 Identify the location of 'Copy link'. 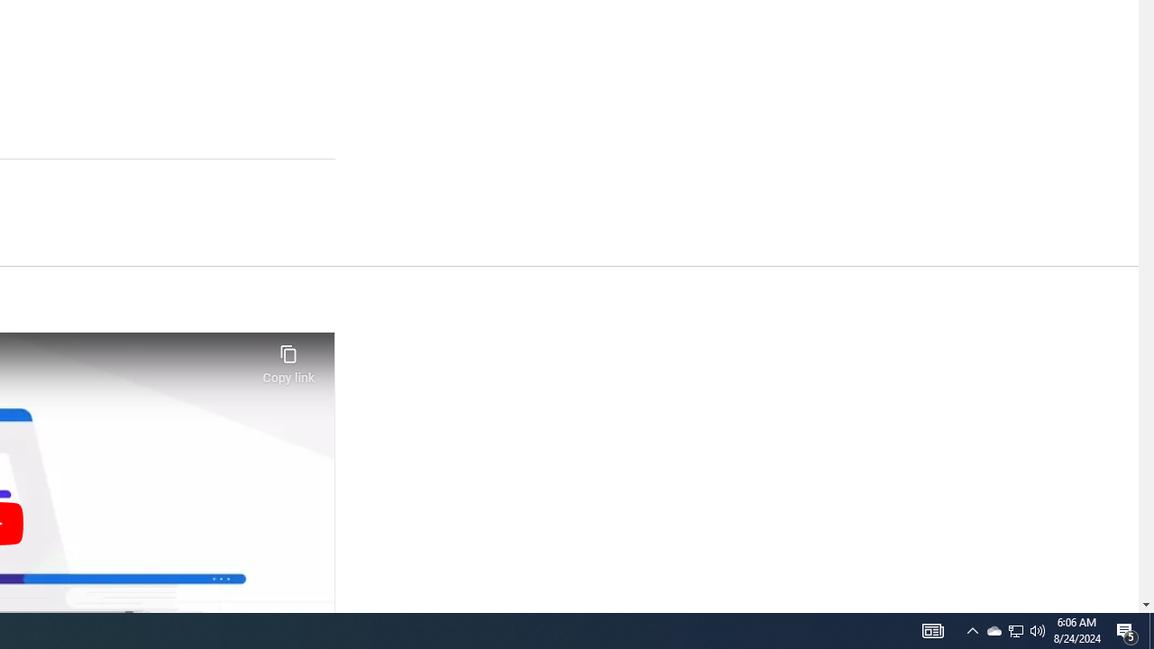
(288, 359).